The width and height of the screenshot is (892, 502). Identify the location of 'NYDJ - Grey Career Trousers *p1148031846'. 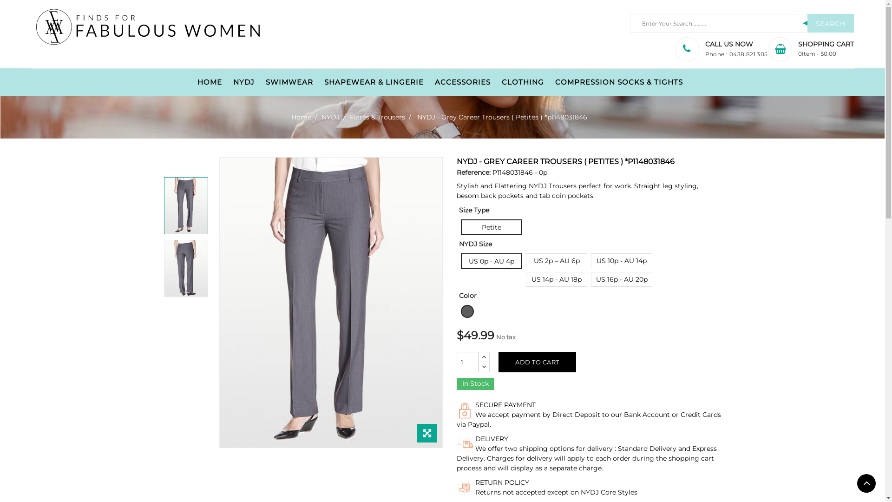
(185, 205).